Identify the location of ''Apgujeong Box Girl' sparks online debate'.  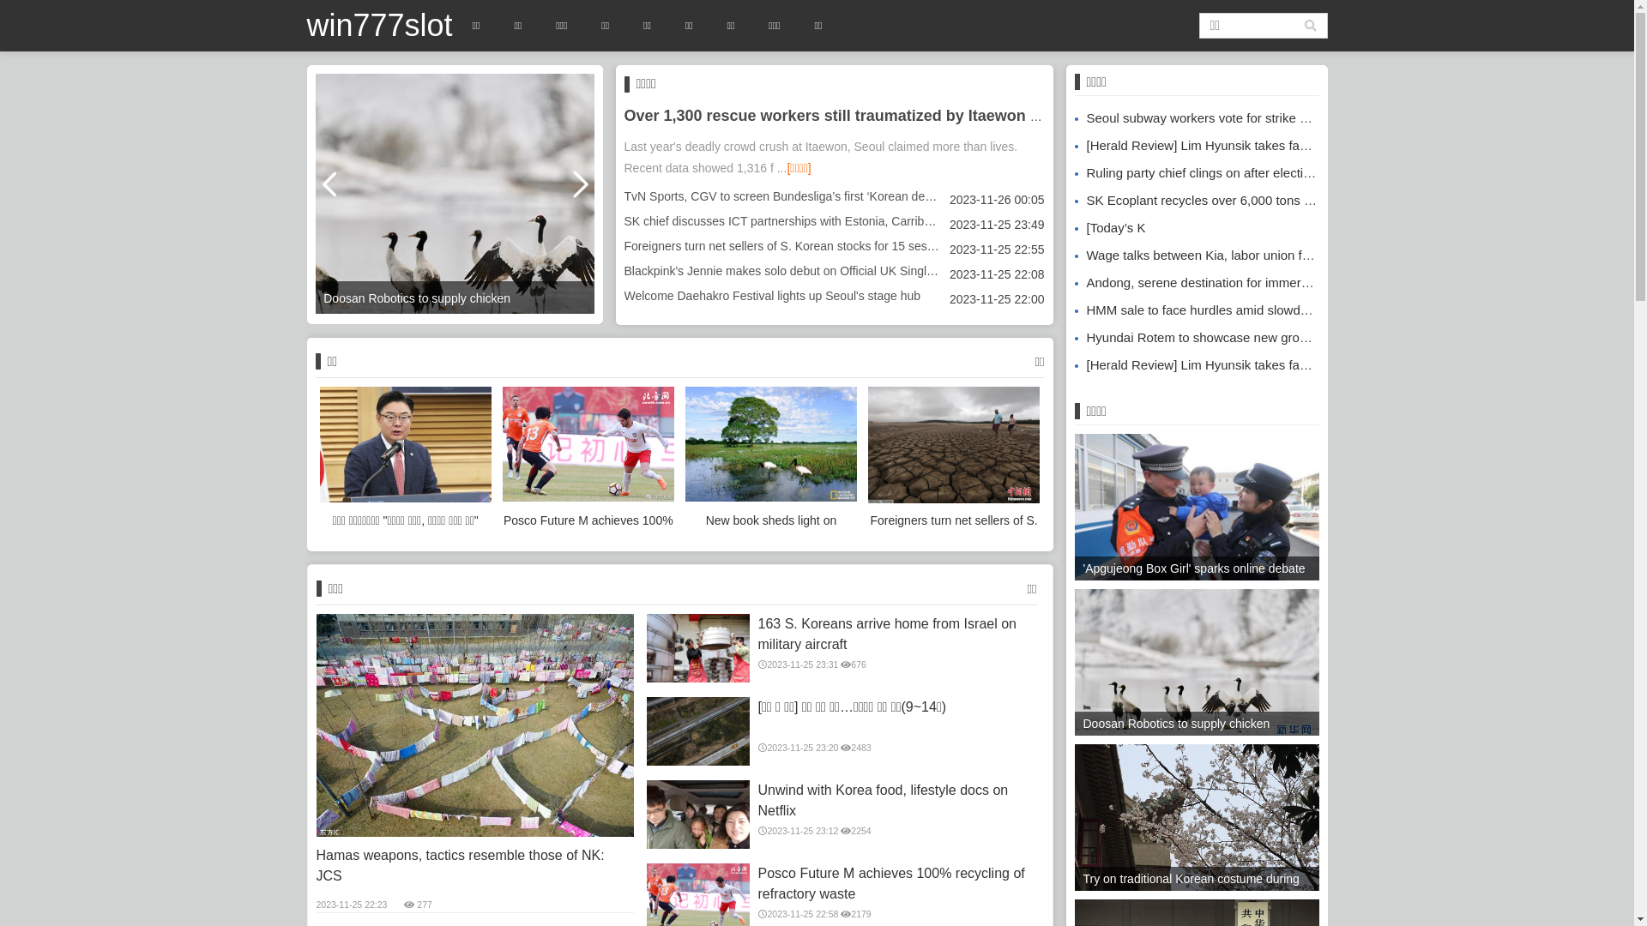
(1195, 514).